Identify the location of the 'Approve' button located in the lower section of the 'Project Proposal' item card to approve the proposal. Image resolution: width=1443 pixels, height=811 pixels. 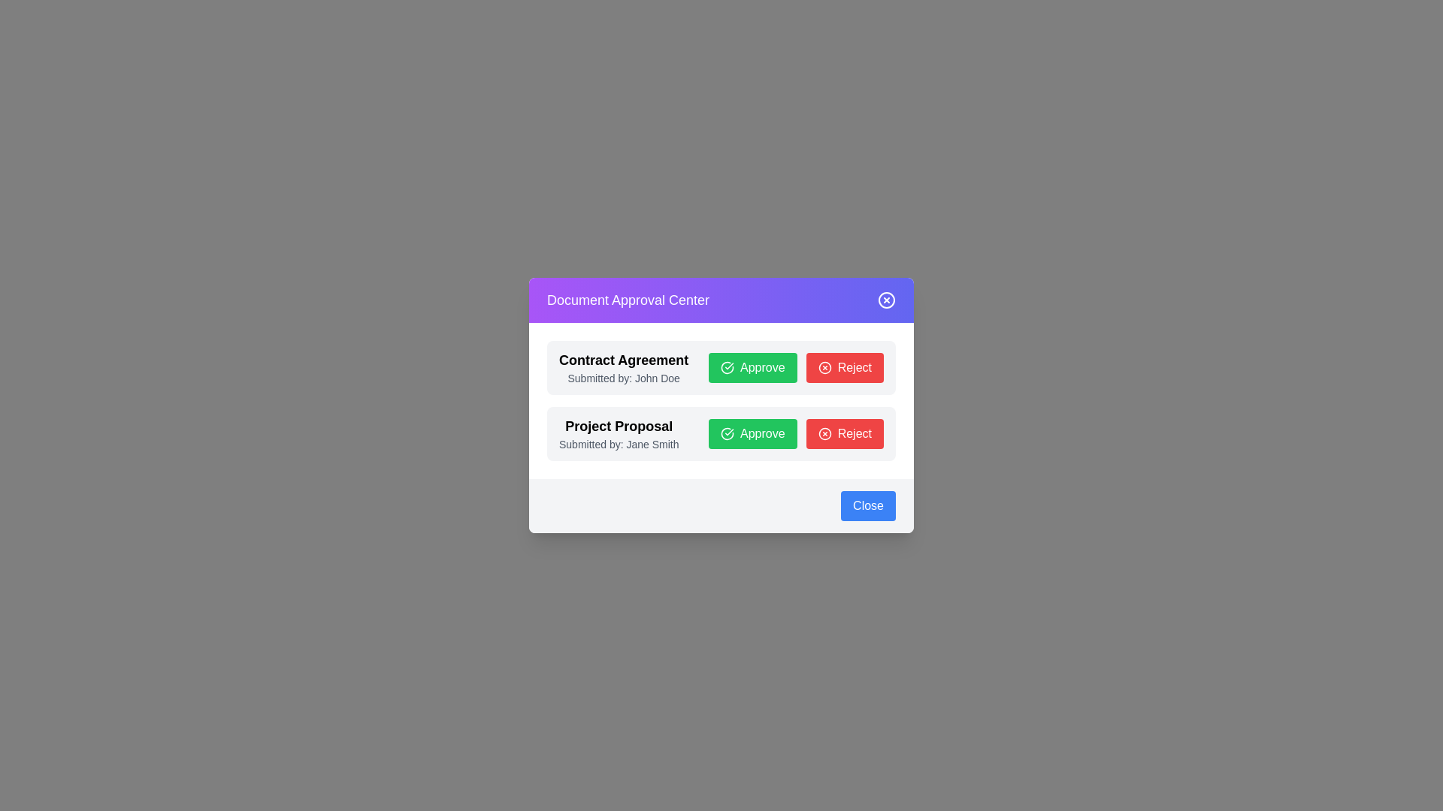
(795, 434).